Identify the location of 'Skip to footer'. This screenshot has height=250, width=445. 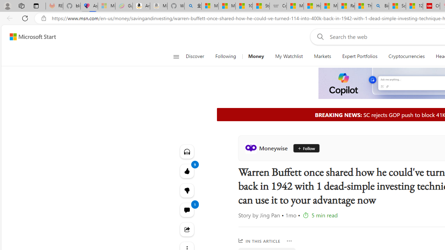
(28, 36).